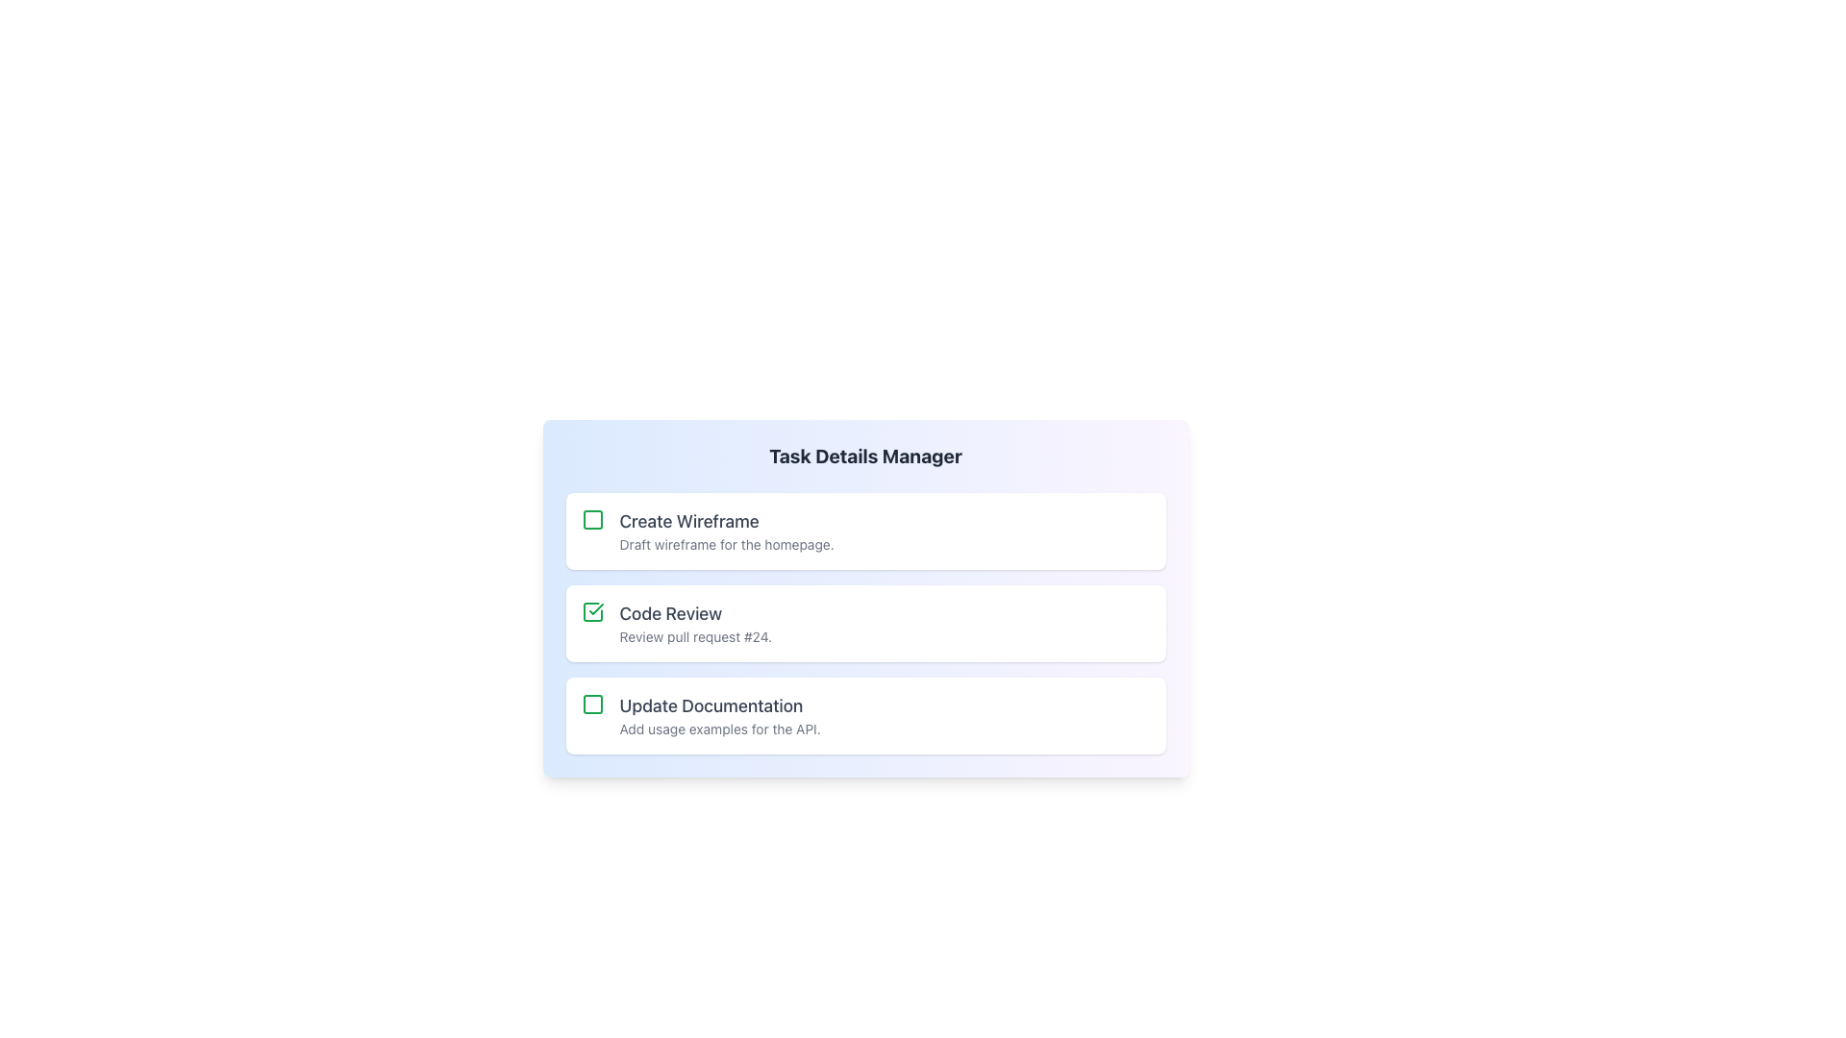 The width and height of the screenshot is (1846, 1038). What do you see at coordinates (726, 545) in the screenshot?
I see `the text label providing additional details about the 'Create Wireframe' task, located underneath the 'Create Wireframe' text in the 'Task Details Manager' section` at bounding box center [726, 545].